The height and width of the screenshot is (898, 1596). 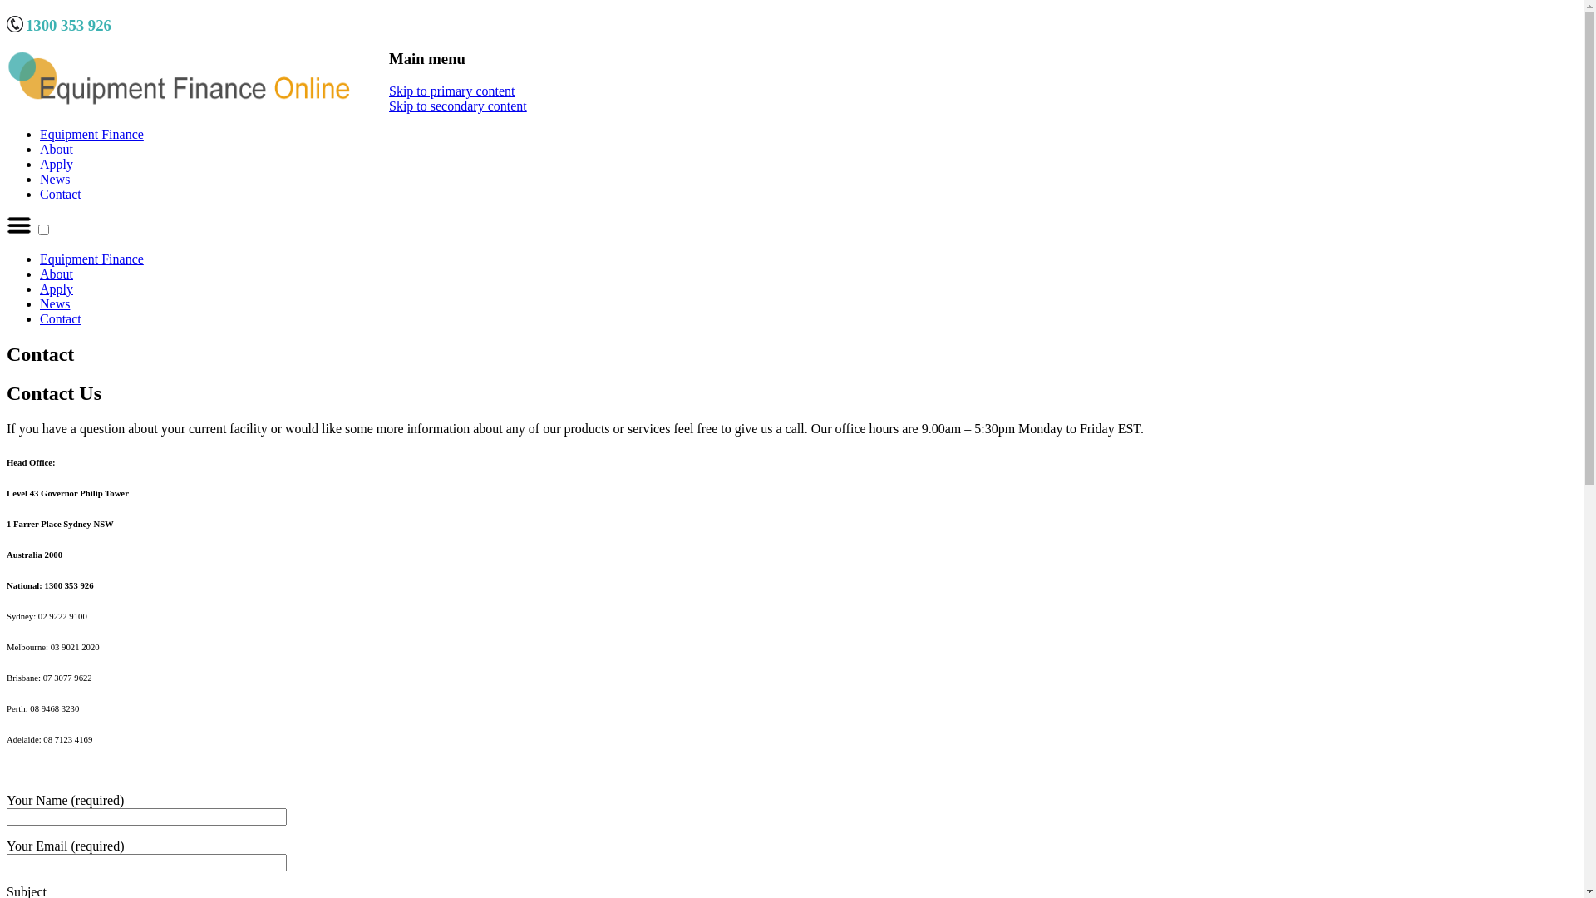 What do you see at coordinates (91, 259) in the screenshot?
I see `'Equipment Finance'` at bounding box center [91, 259].